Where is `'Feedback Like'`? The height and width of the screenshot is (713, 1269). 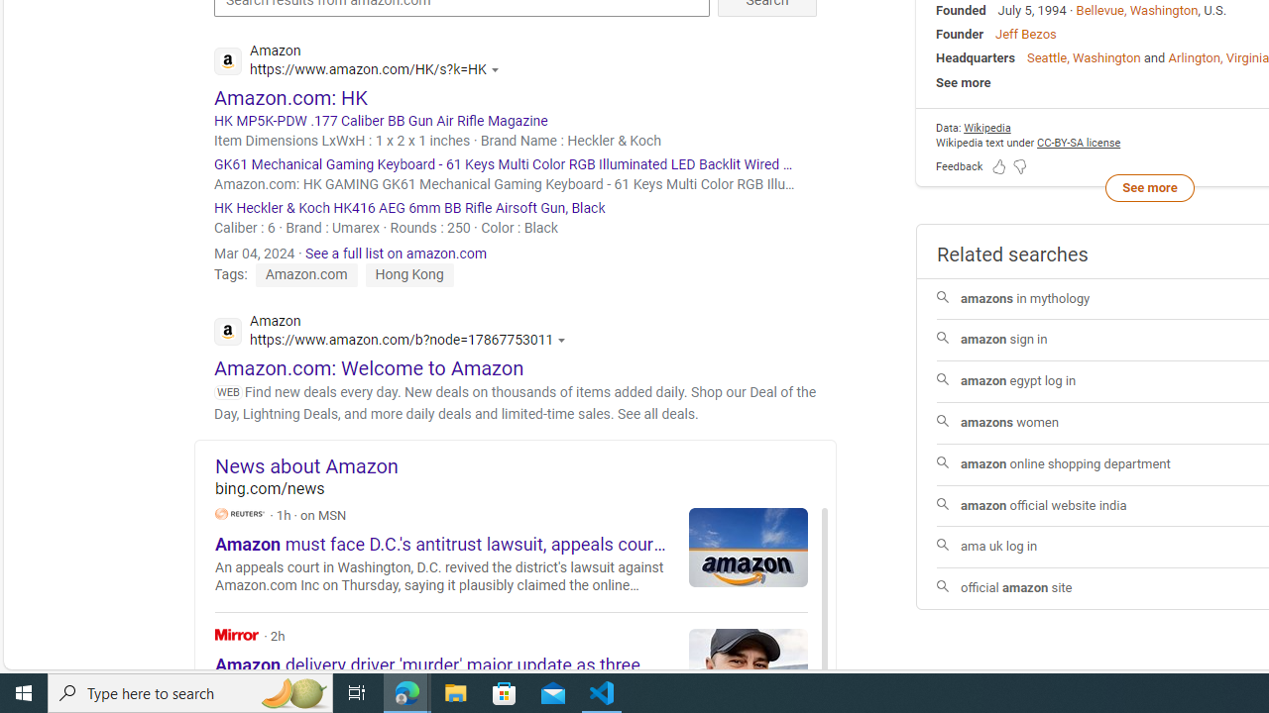 'Feedback Like' is located at coordinates (999, 164).